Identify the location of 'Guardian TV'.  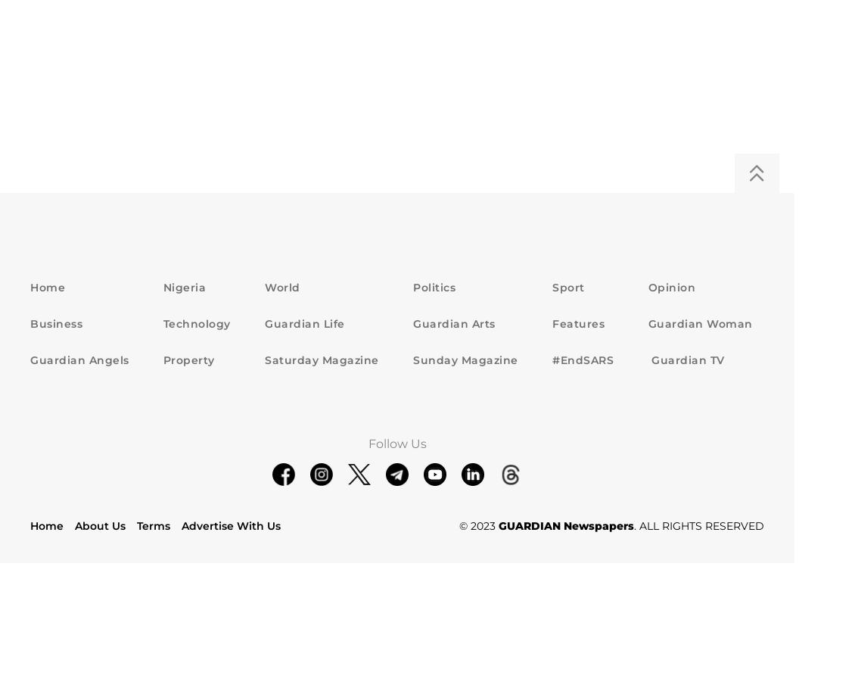
(685, 359).